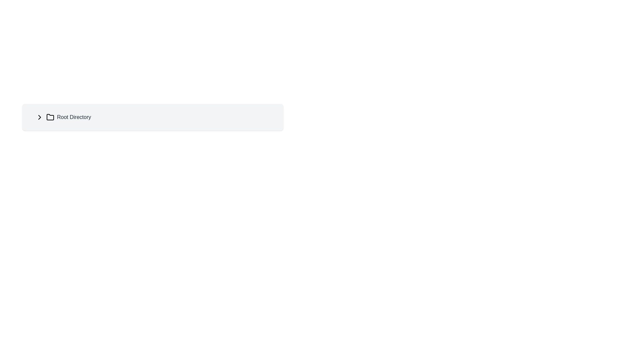 This screenshot has height=360, width=640. What do you see at coordinates (50, 117) in the screenshot?
I see `the folder icon located adjacent to the 'Root Directory' text label` at bounding box center [50, 117].